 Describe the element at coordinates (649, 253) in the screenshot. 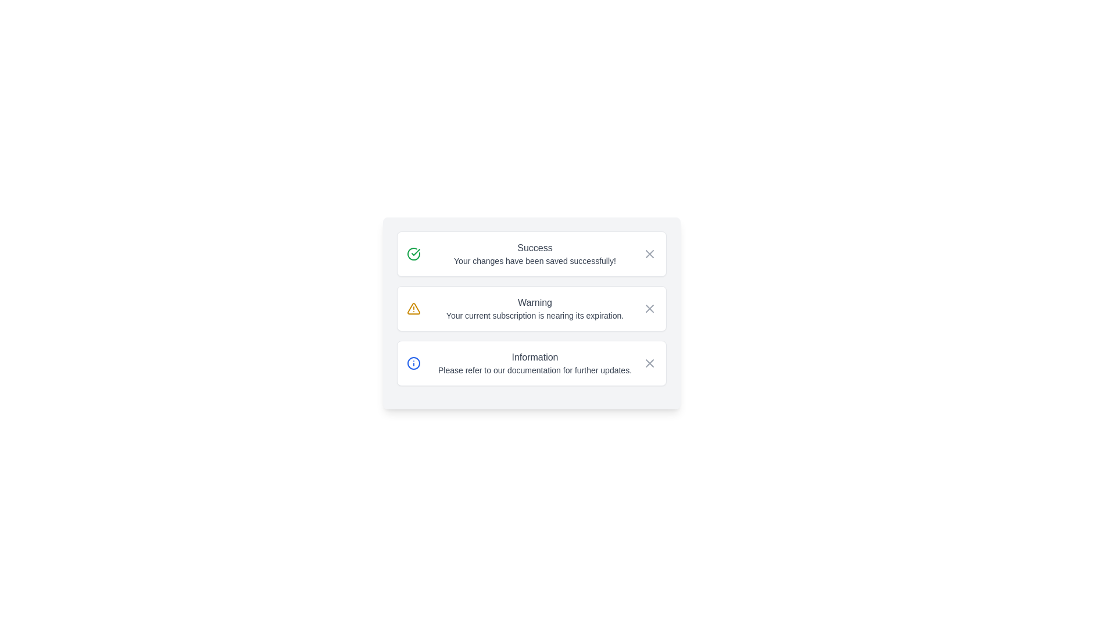

I see `the button with a cross (x) icon on the right side of the success notification` at that location.